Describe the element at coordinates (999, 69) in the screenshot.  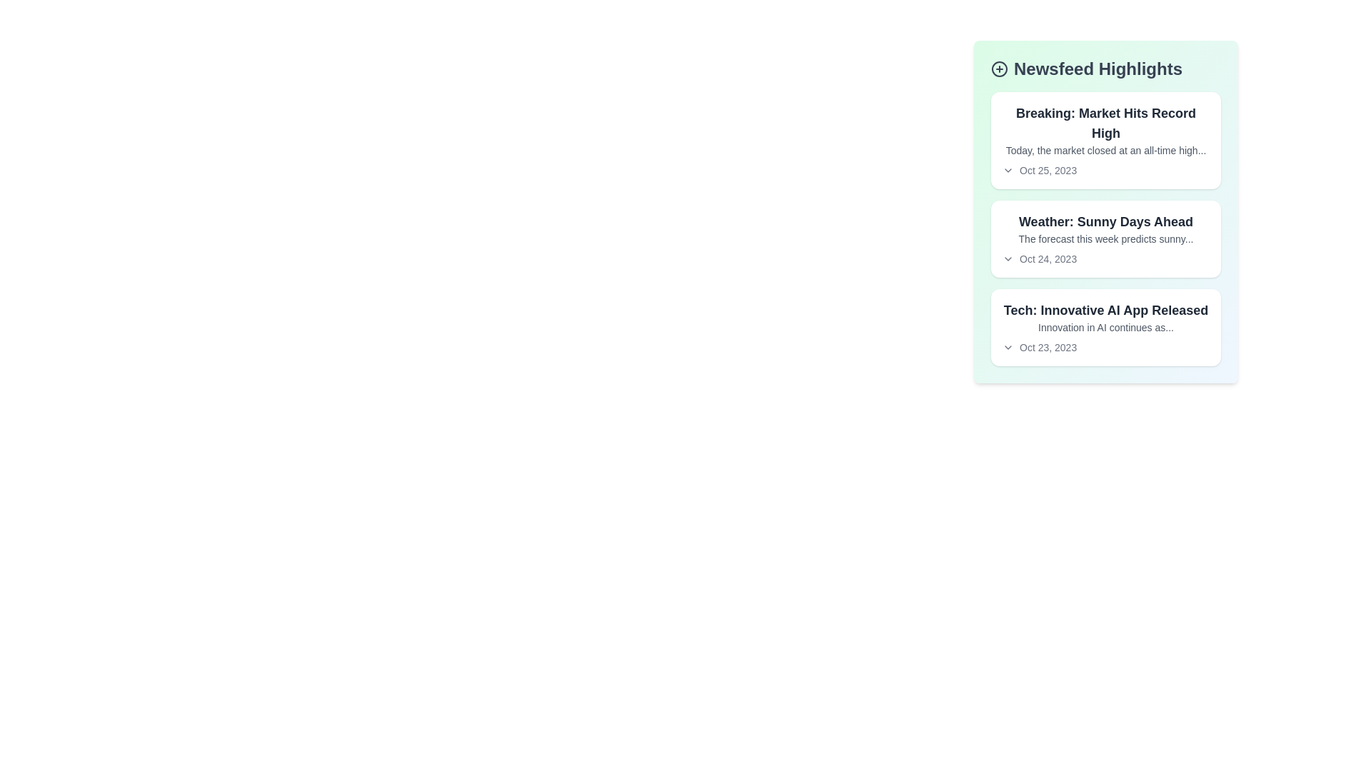
I see `the '+' icon in the heading of the NewsFeed component` at that location.